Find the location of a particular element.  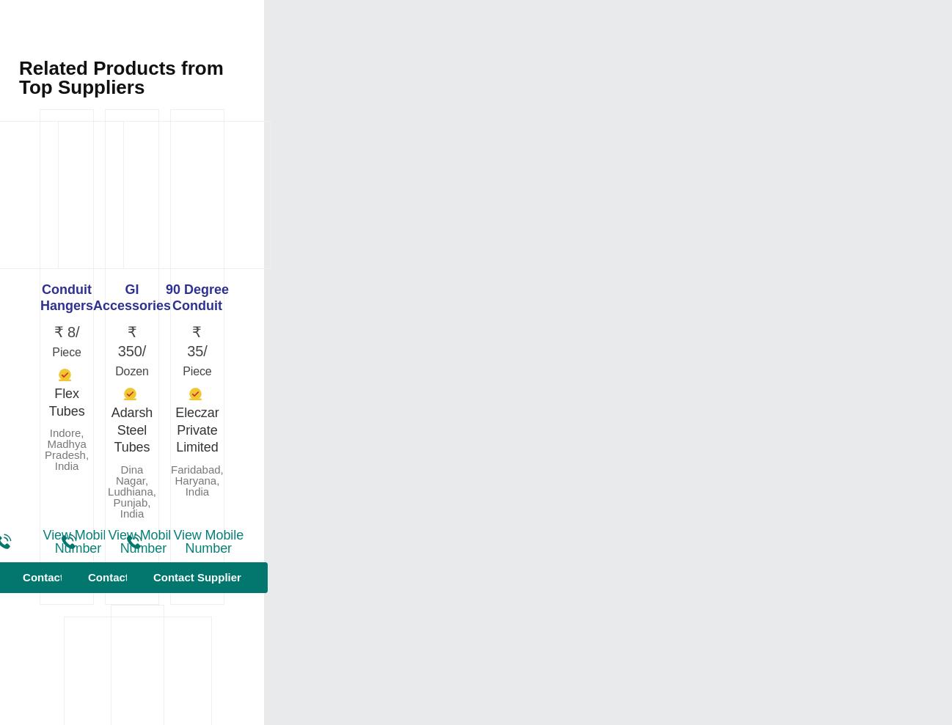

'₹  35/' is located at coordinates (196, 341).